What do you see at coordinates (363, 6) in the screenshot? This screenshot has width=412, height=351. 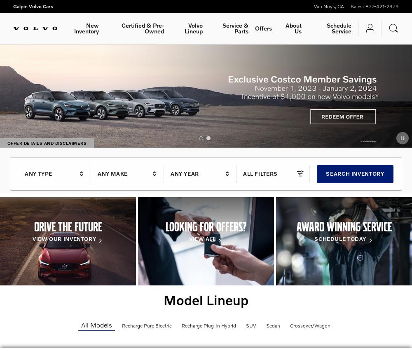 I see `':'` at bounding box center [363, 6].